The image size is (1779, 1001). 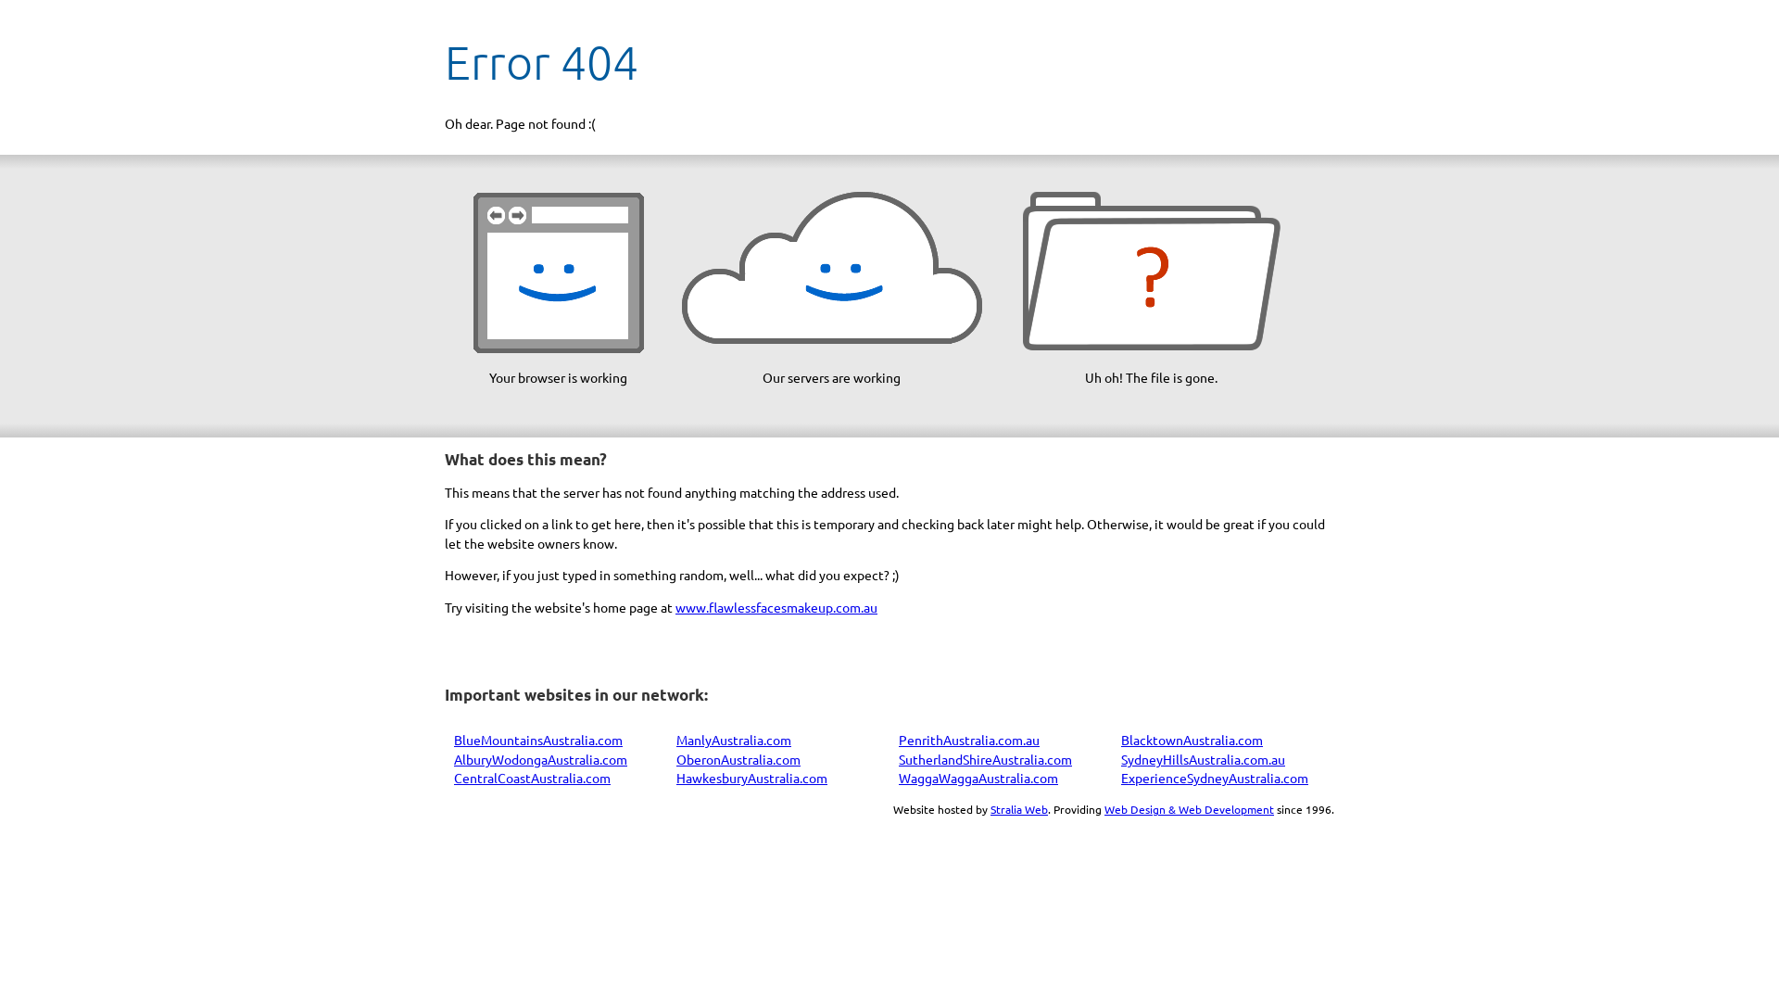 What do you see at coordinates (531, 778) in the screenshot?
I see `'CentralCoastAustralia.com'` at bounding box center [531, 778].